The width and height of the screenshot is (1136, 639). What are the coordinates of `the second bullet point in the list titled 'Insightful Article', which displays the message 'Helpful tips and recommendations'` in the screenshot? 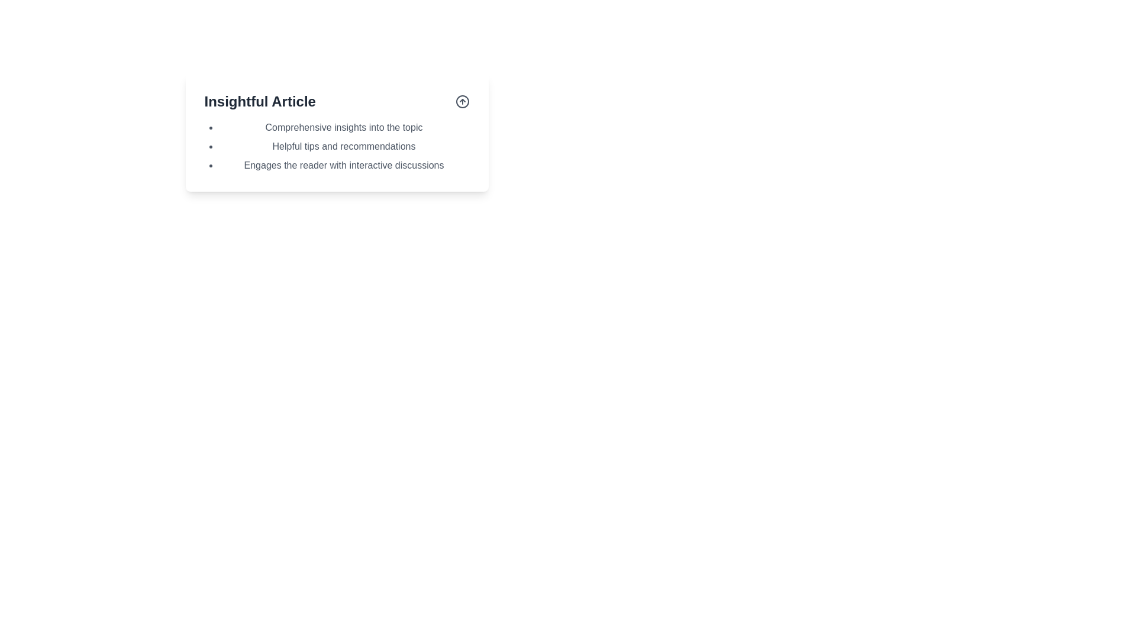 It's located at (343, 146).